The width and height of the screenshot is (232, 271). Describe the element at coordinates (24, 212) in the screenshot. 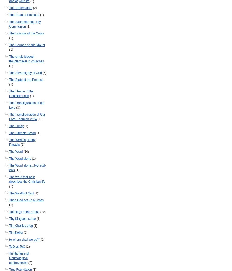

I see `'Theology of the Cross'` at that location.